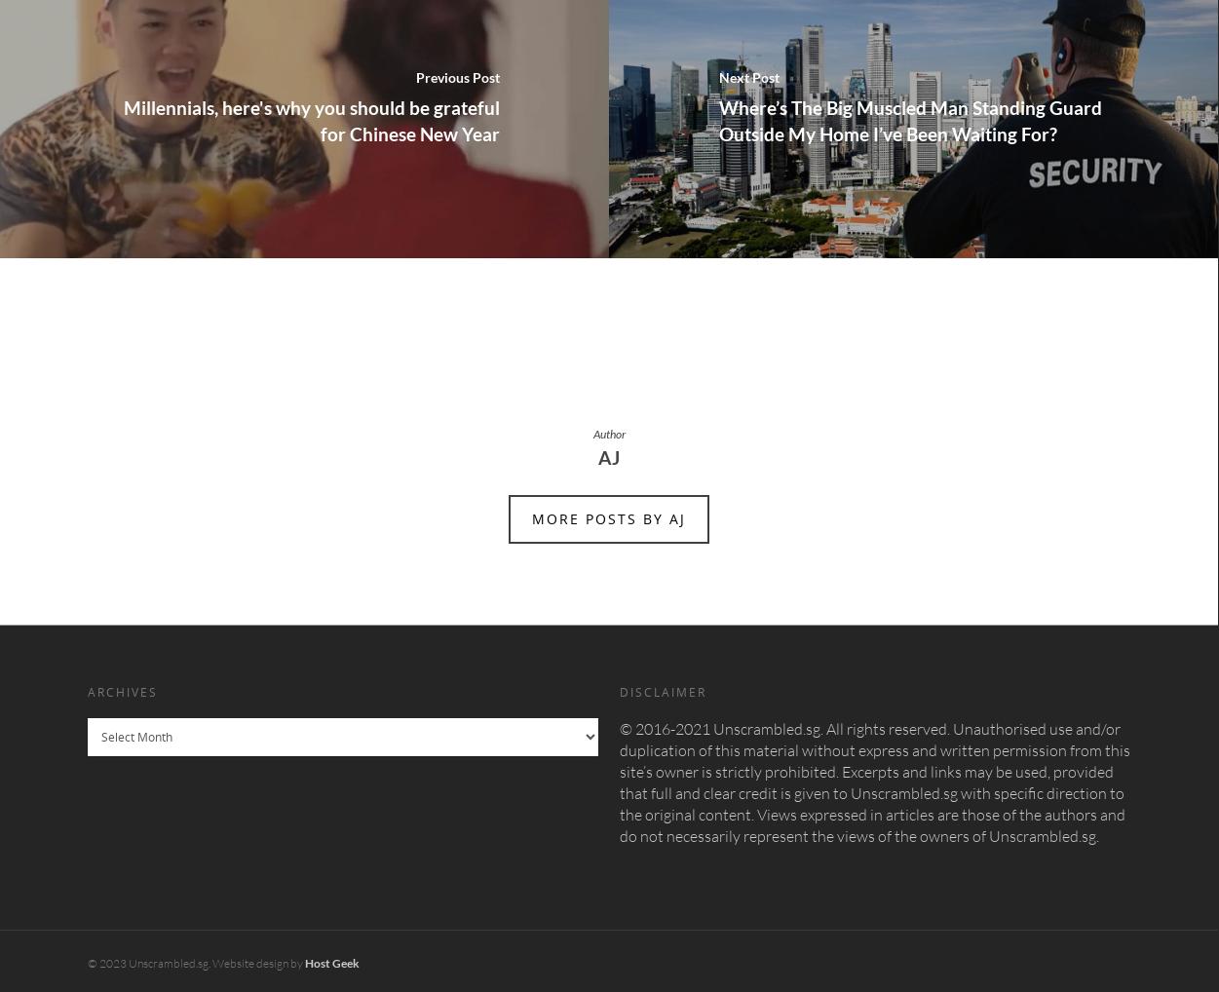  I want to click on 'Disclaimer', so click(661, 692).